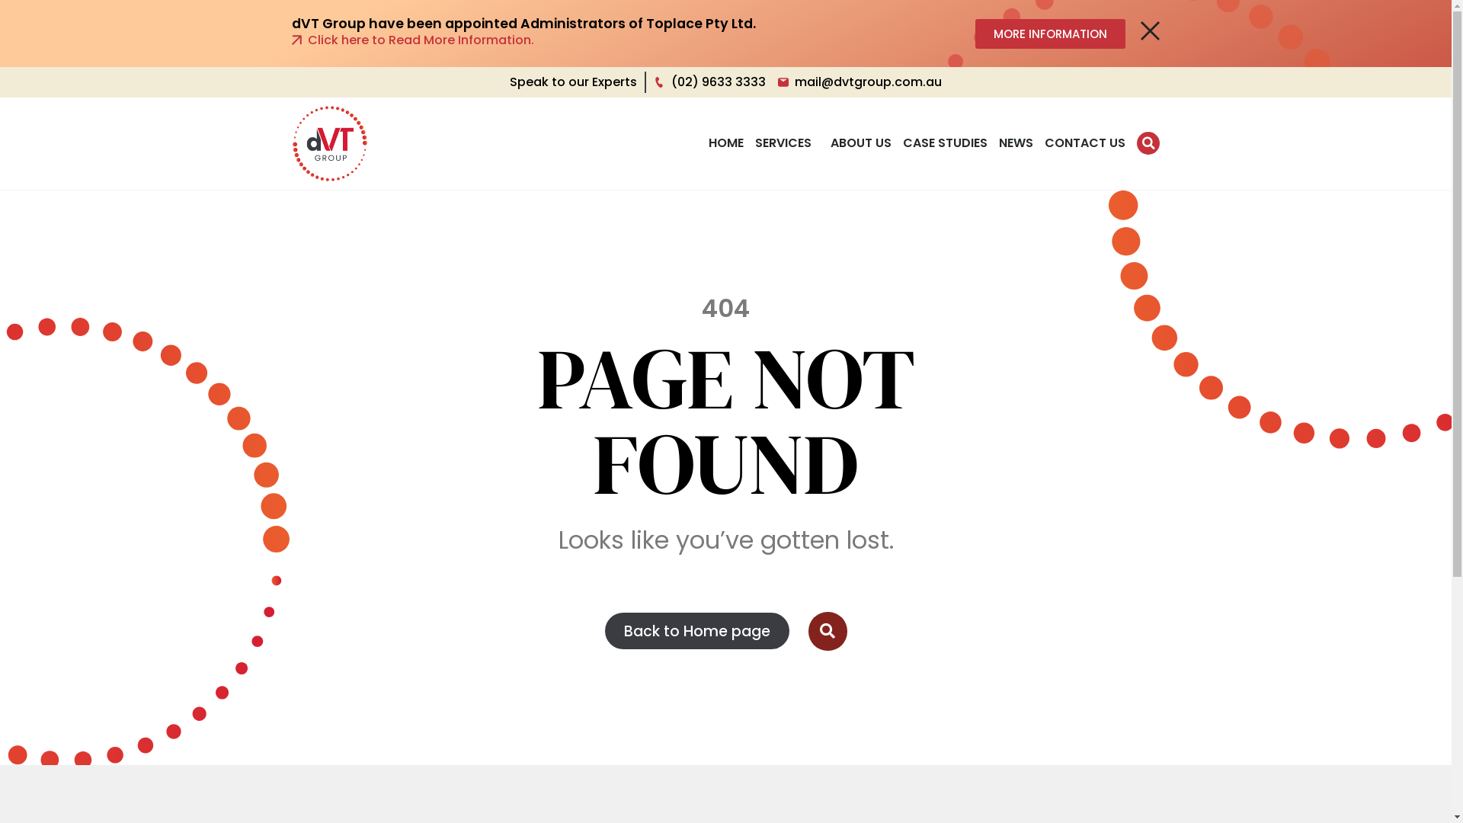 The height and width of the screenshot is (823, 1463). Describe the element at coordinates (1084, 143) in the screenshot. I see `'CONTACT US'` at that location.